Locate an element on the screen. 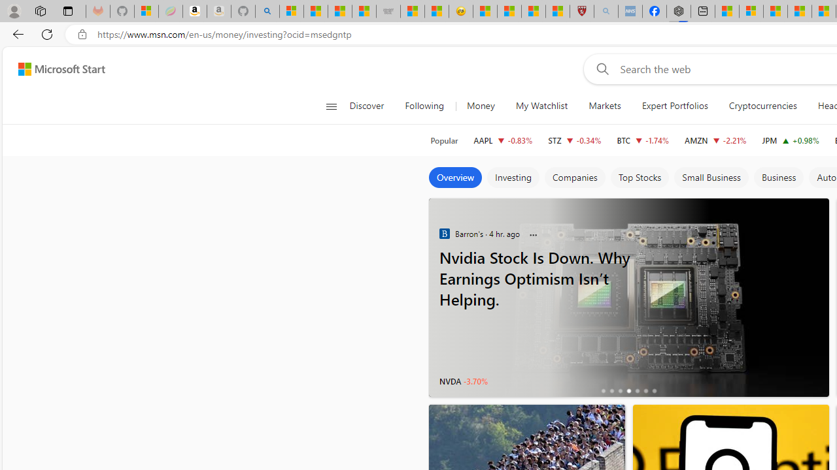  'Skip to content' is located at coordinates (56, 69).